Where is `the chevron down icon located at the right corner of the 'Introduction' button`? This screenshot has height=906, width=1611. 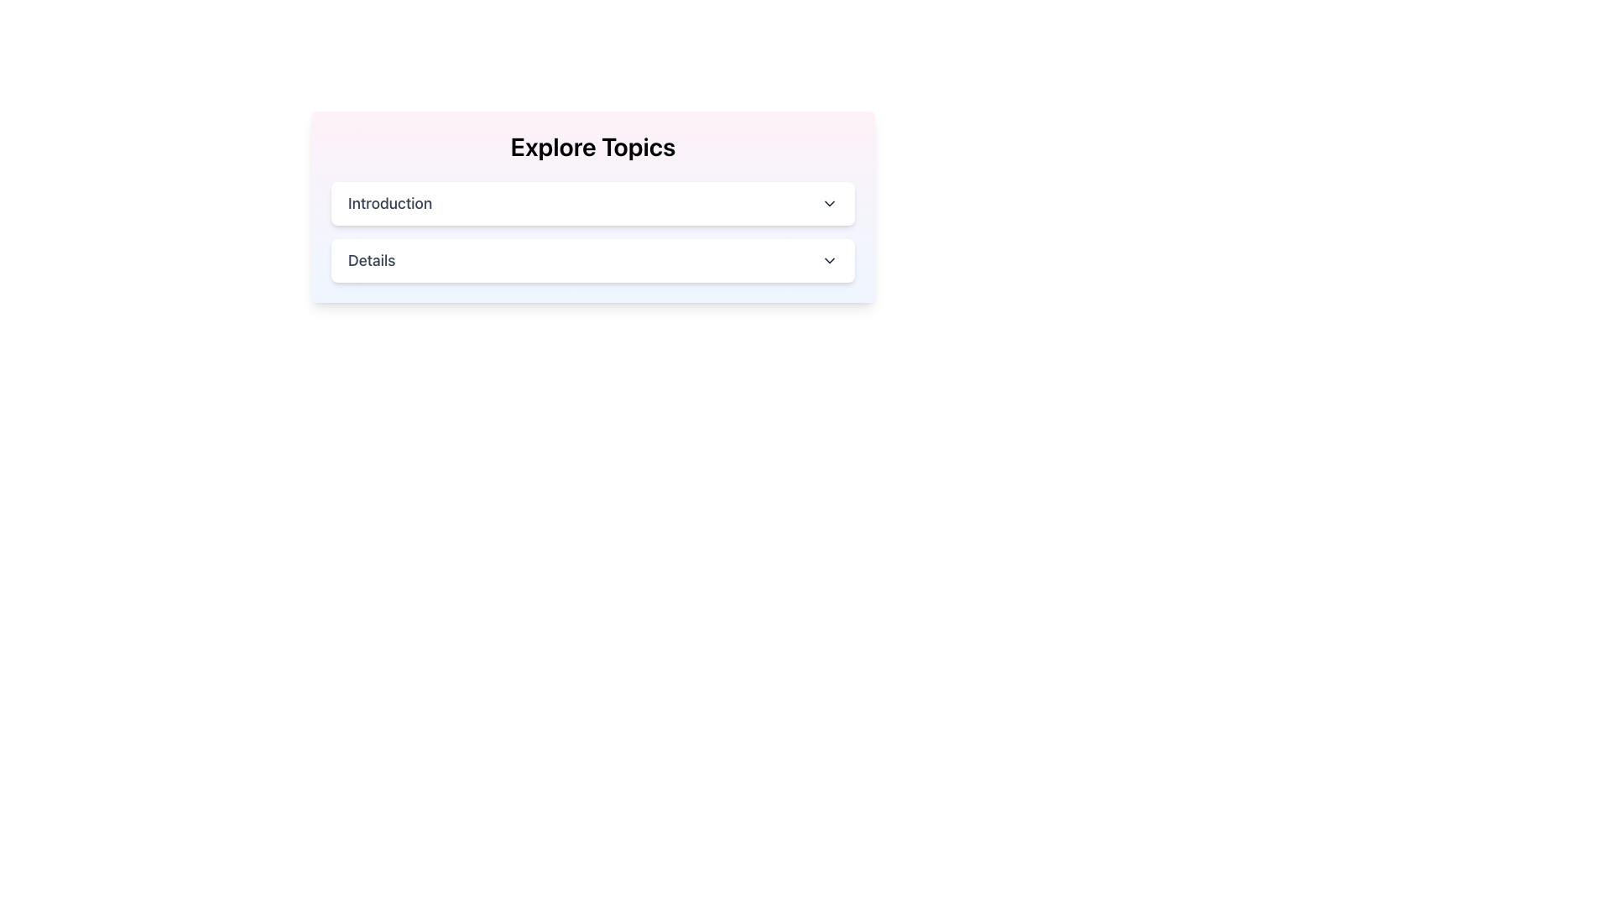 the chevron down icon located at the right corner of the 'Introduction' button is located at coordinates (829, 203).